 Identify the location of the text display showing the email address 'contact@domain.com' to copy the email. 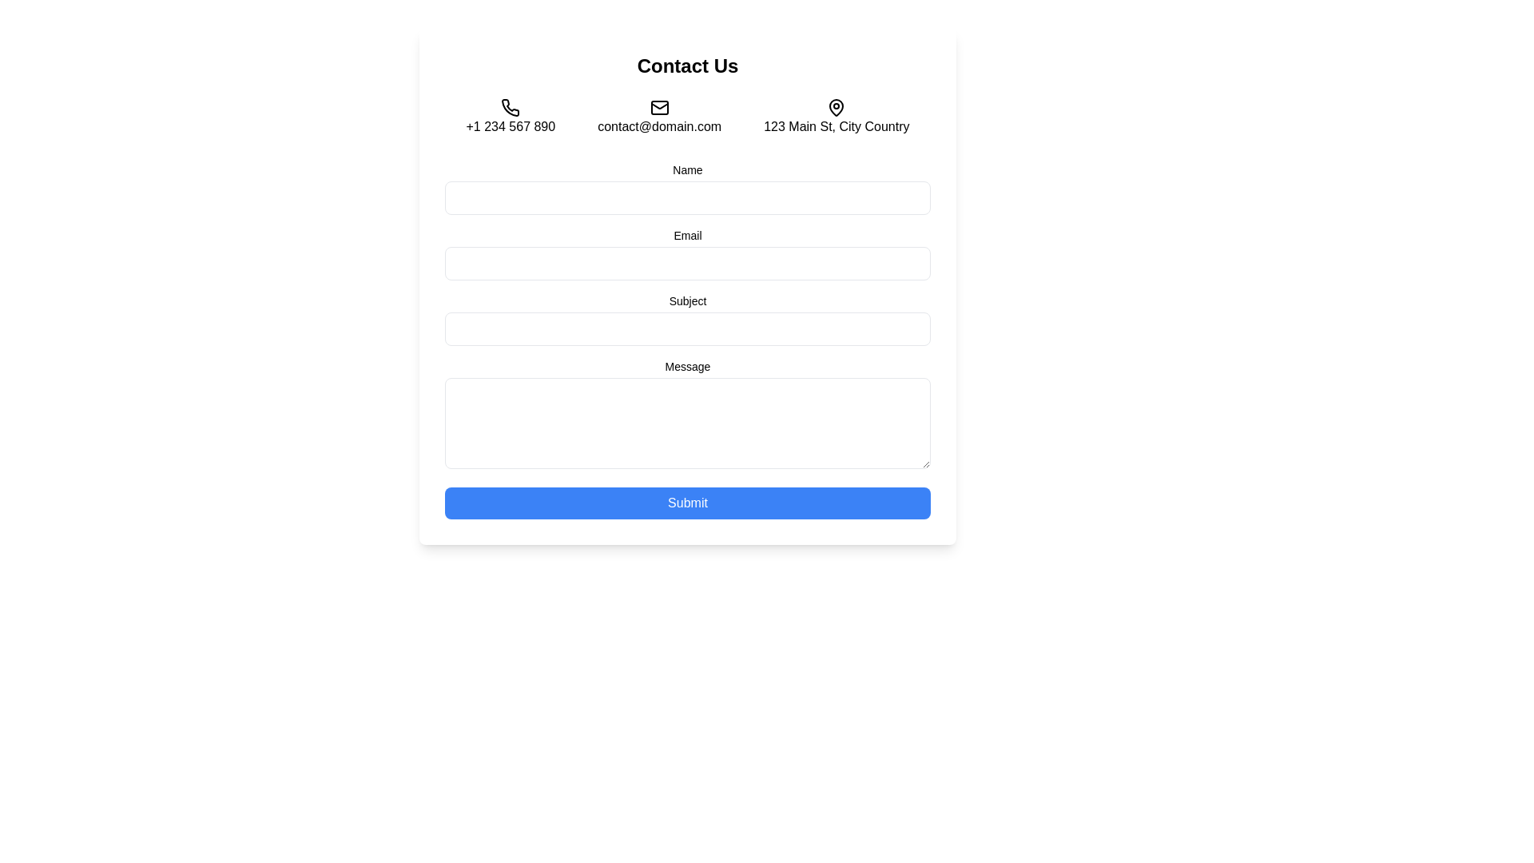
(659, 125).